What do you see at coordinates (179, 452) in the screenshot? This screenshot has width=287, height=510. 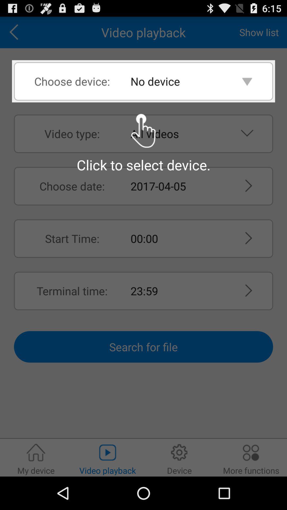 I see `the icon which is above the device` at bounding box center [179, 452].